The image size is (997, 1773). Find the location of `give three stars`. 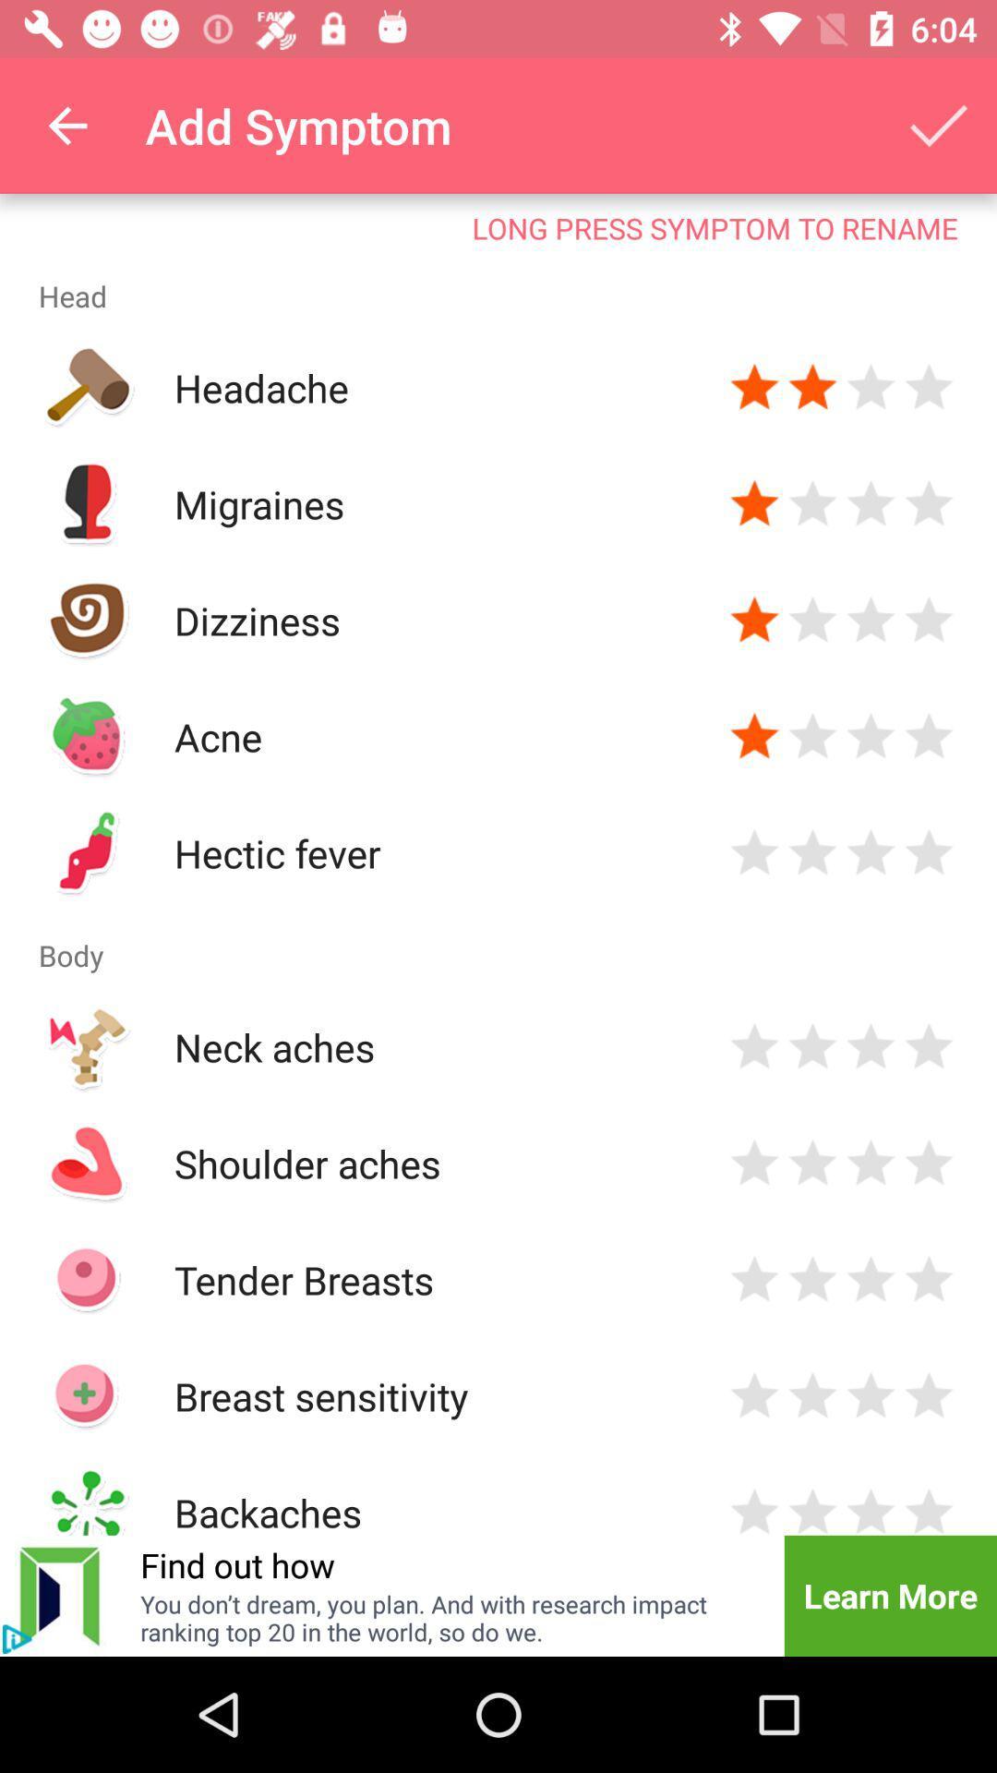

give three stars is located at coordinates (871, 387).